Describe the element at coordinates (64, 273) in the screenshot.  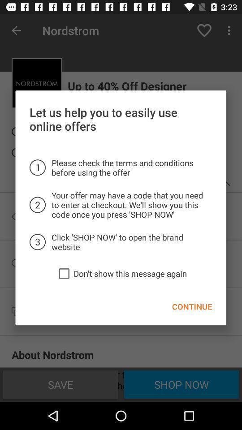
I see `icon next to don t show item` at that location.